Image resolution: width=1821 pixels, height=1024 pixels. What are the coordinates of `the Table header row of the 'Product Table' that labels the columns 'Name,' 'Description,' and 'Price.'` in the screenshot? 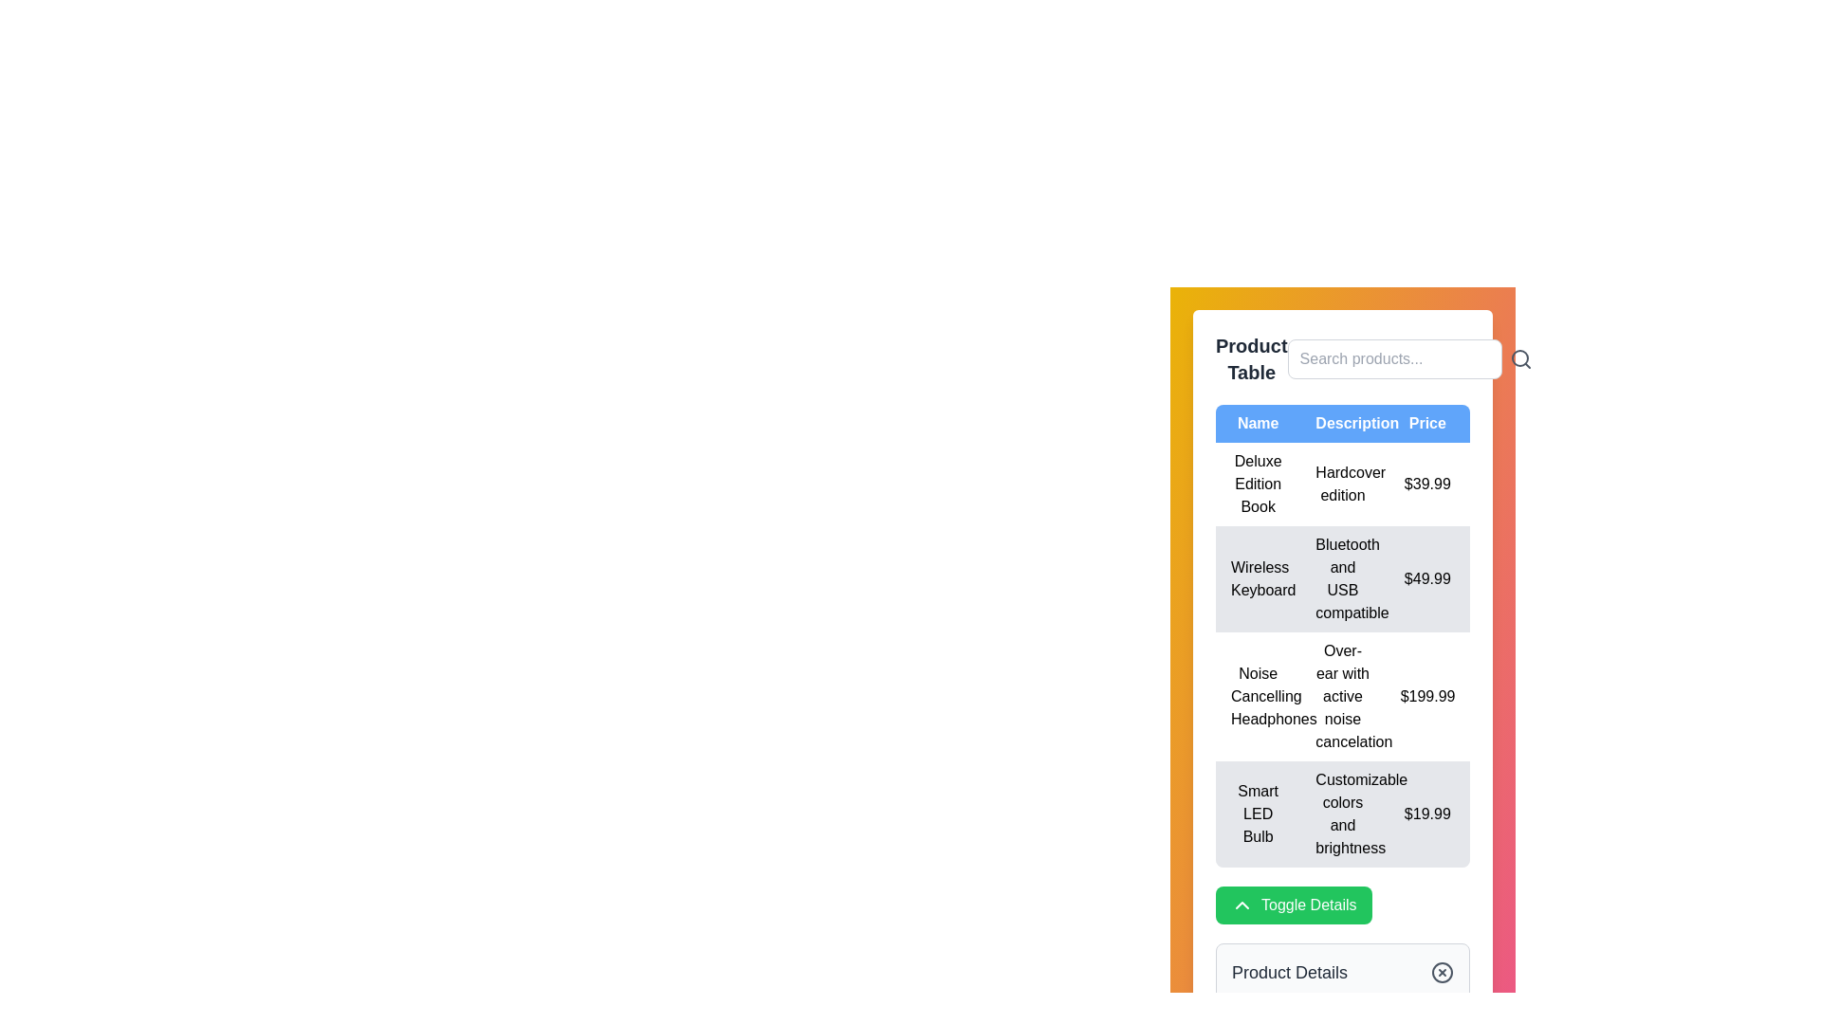 It's located at (1342, 423).